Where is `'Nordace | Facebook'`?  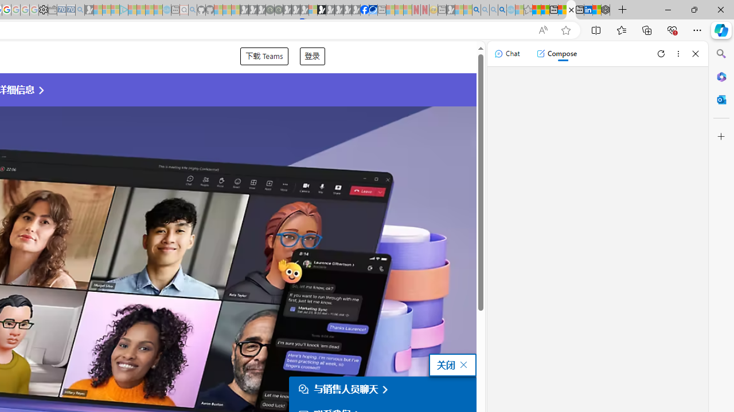 'Nordace | Facebook' is located at coordinates (364, 10).